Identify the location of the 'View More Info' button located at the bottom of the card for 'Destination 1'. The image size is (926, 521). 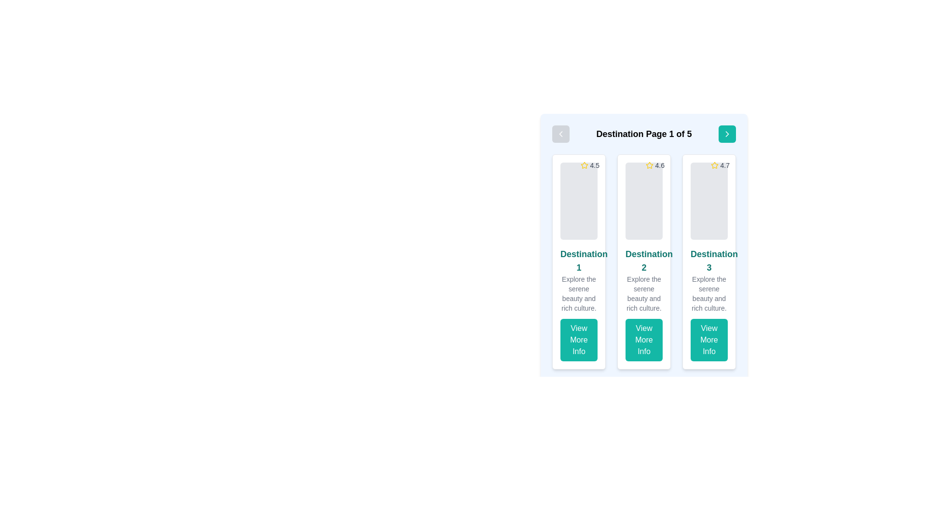
(579, 340).